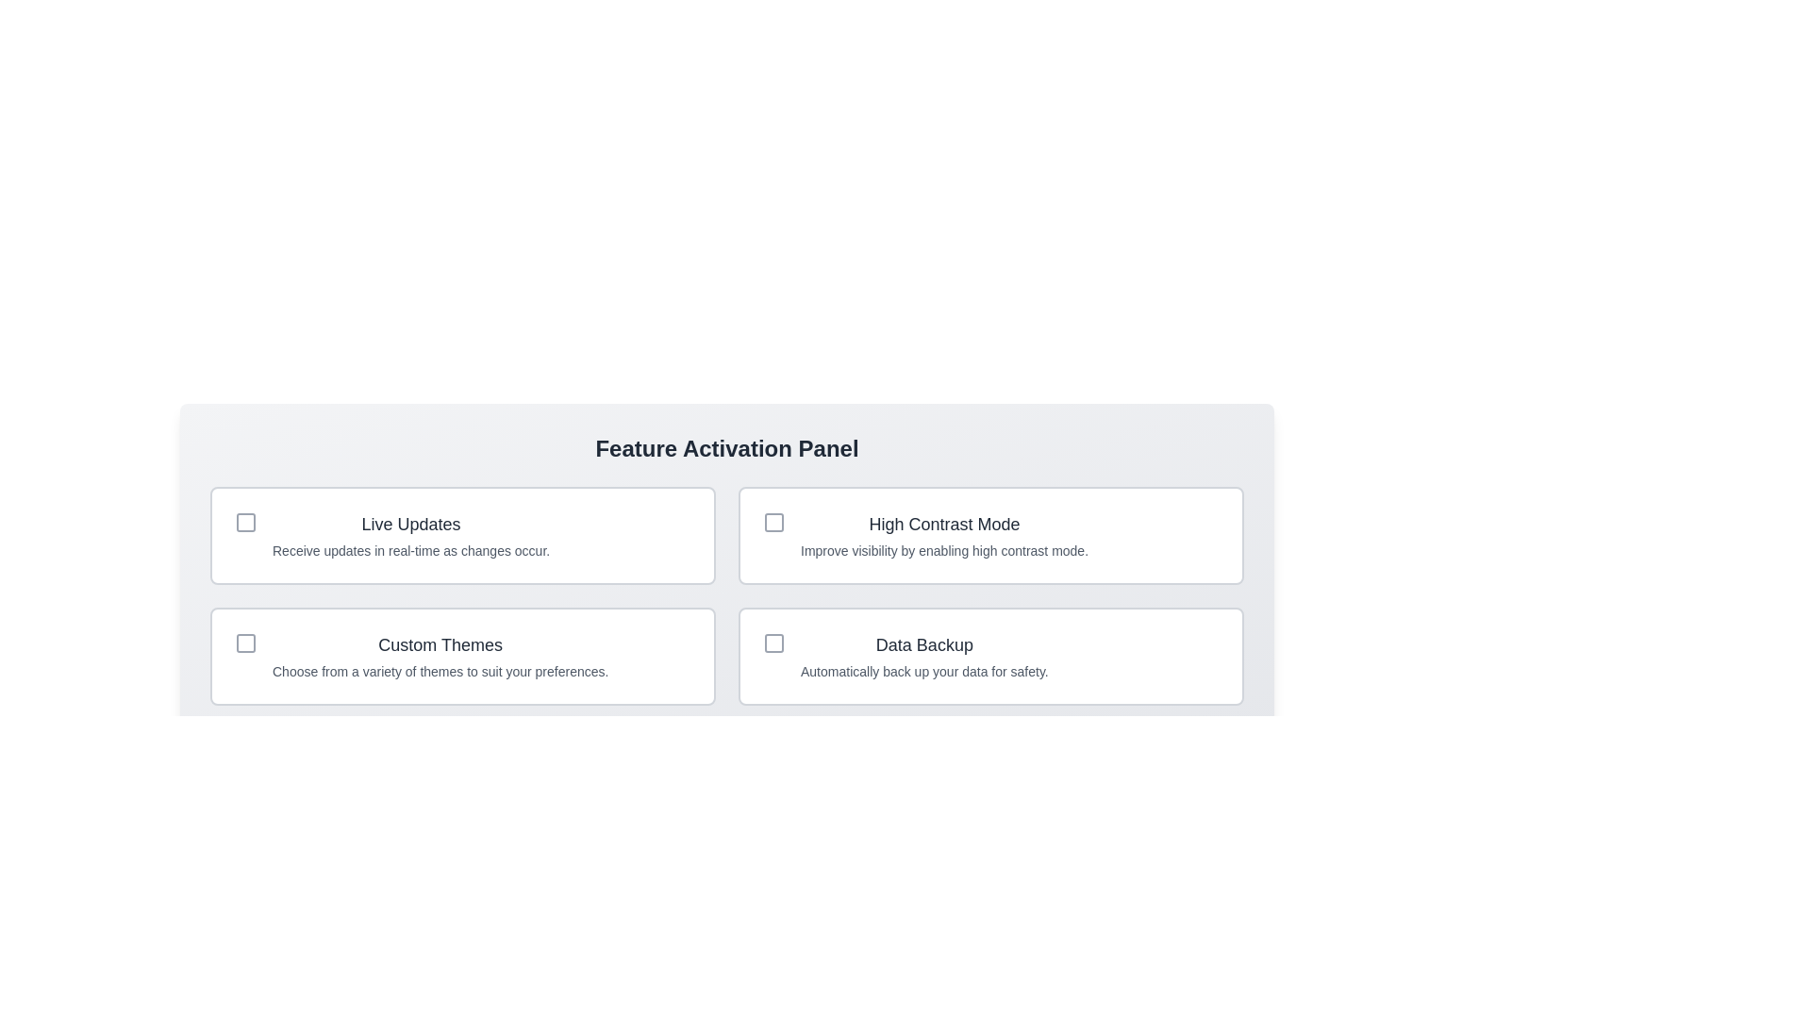 Image resolution: width=1811 pixels, height=1019 pixels. Describe the element at coordinates (462, 535) in the screenshot. I see `the checkbox on the 'Live Updates' card, which is located in the first column of the grid layout at the top-left position` at that location.